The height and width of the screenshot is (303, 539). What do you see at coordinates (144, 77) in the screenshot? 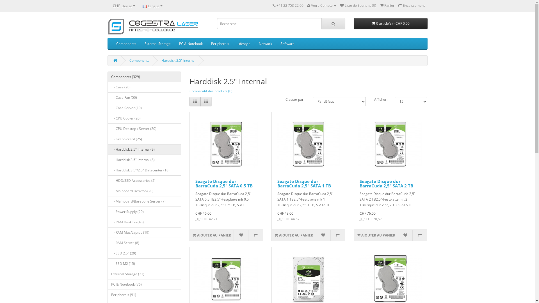
I see `'Components (329)'` at bounding box center [144, 77].